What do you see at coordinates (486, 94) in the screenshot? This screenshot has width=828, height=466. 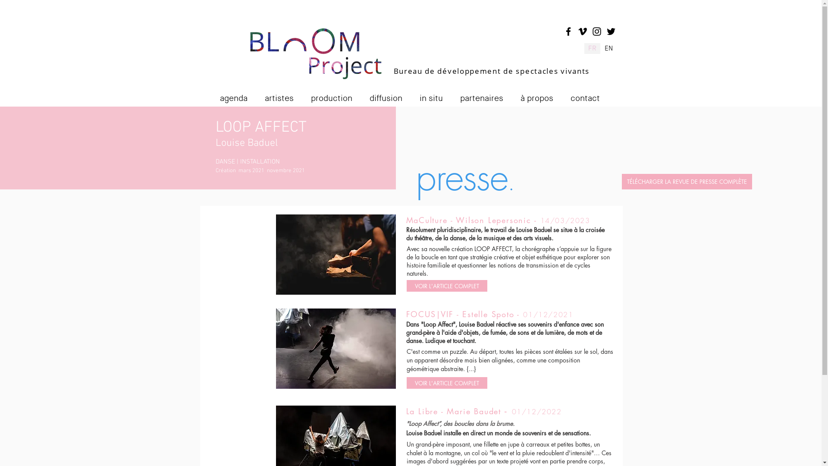 I see `'partenaires'` at bounding box center [486, 94].